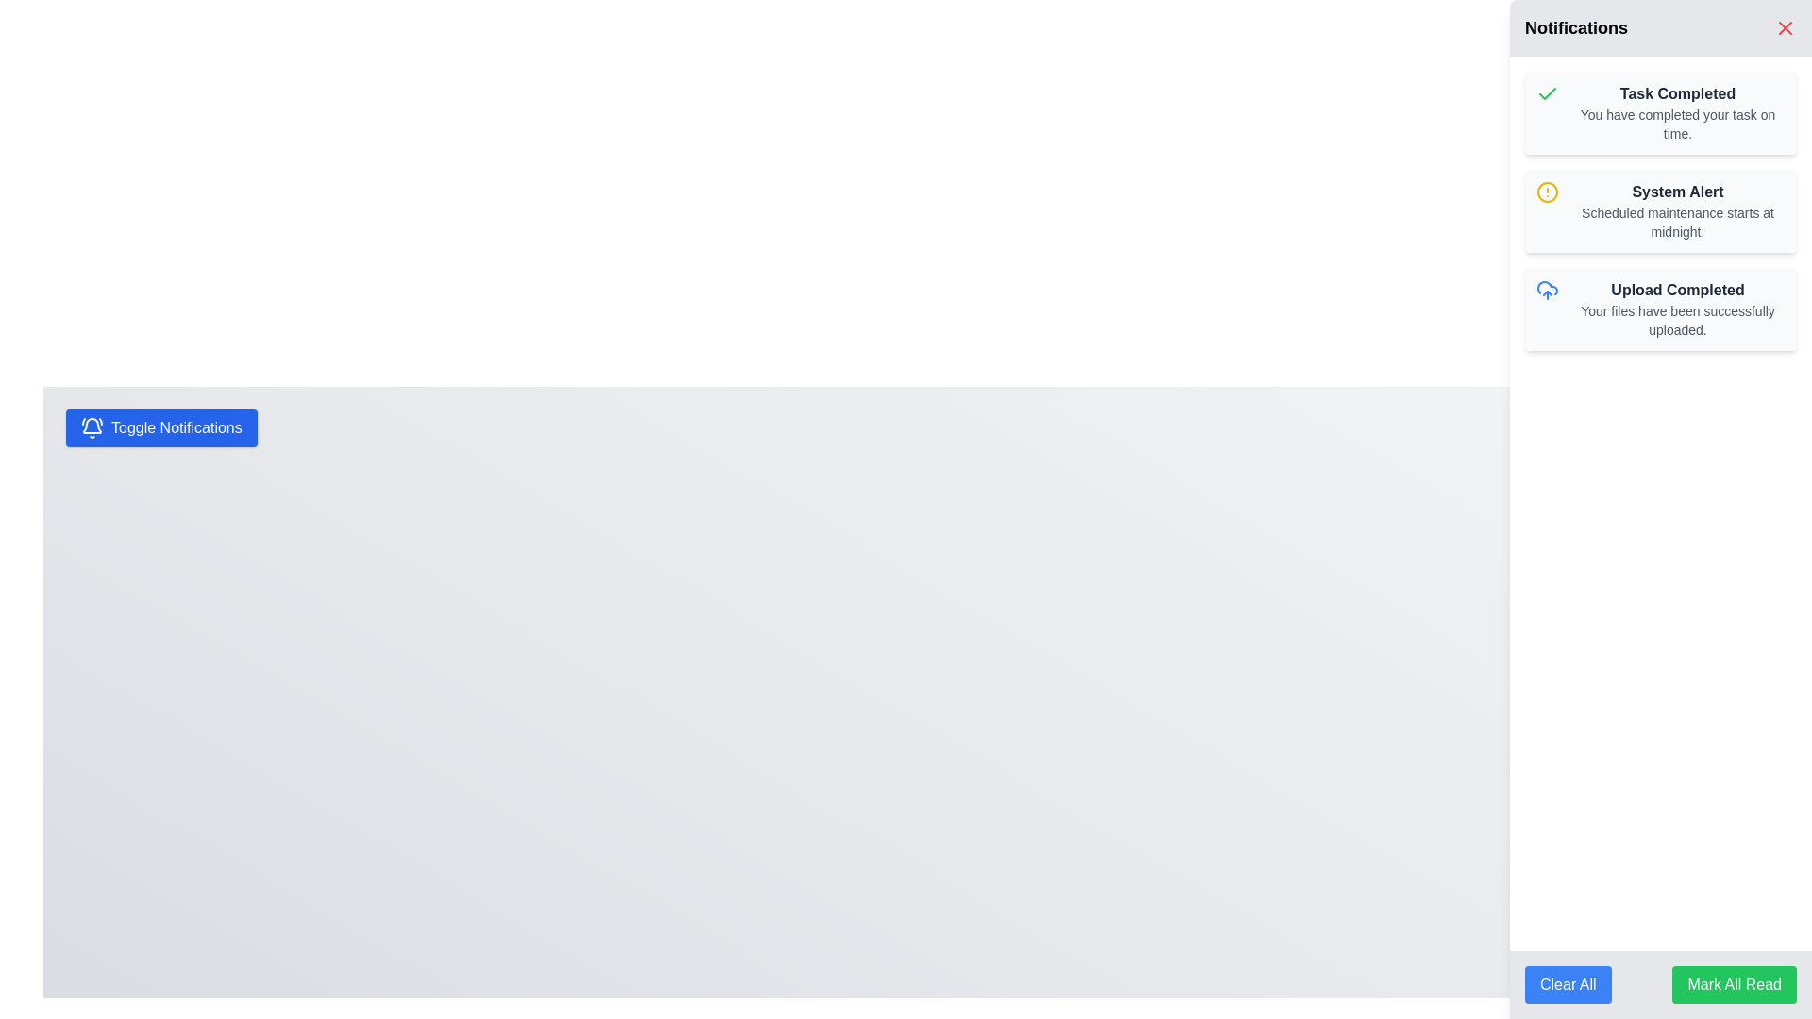 Image resolution: width=1812 pixels, height=1019 pixels. Describe the element at coordinates (1548, 94) in the screenshot. I see `the completion icon located on the left side of the notification panel under 'Notifications', which precedes the text 'Task Completed'` at that location.